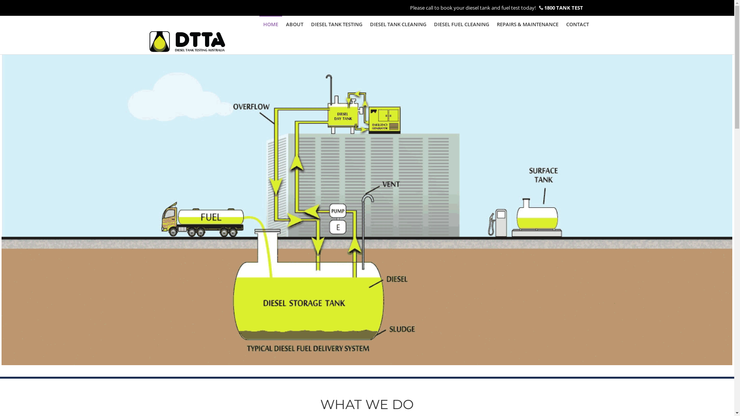  What do you see at coordinates (270, 23) in the screenshot?
I see `'HOME'` at bounding box center [270, 23].